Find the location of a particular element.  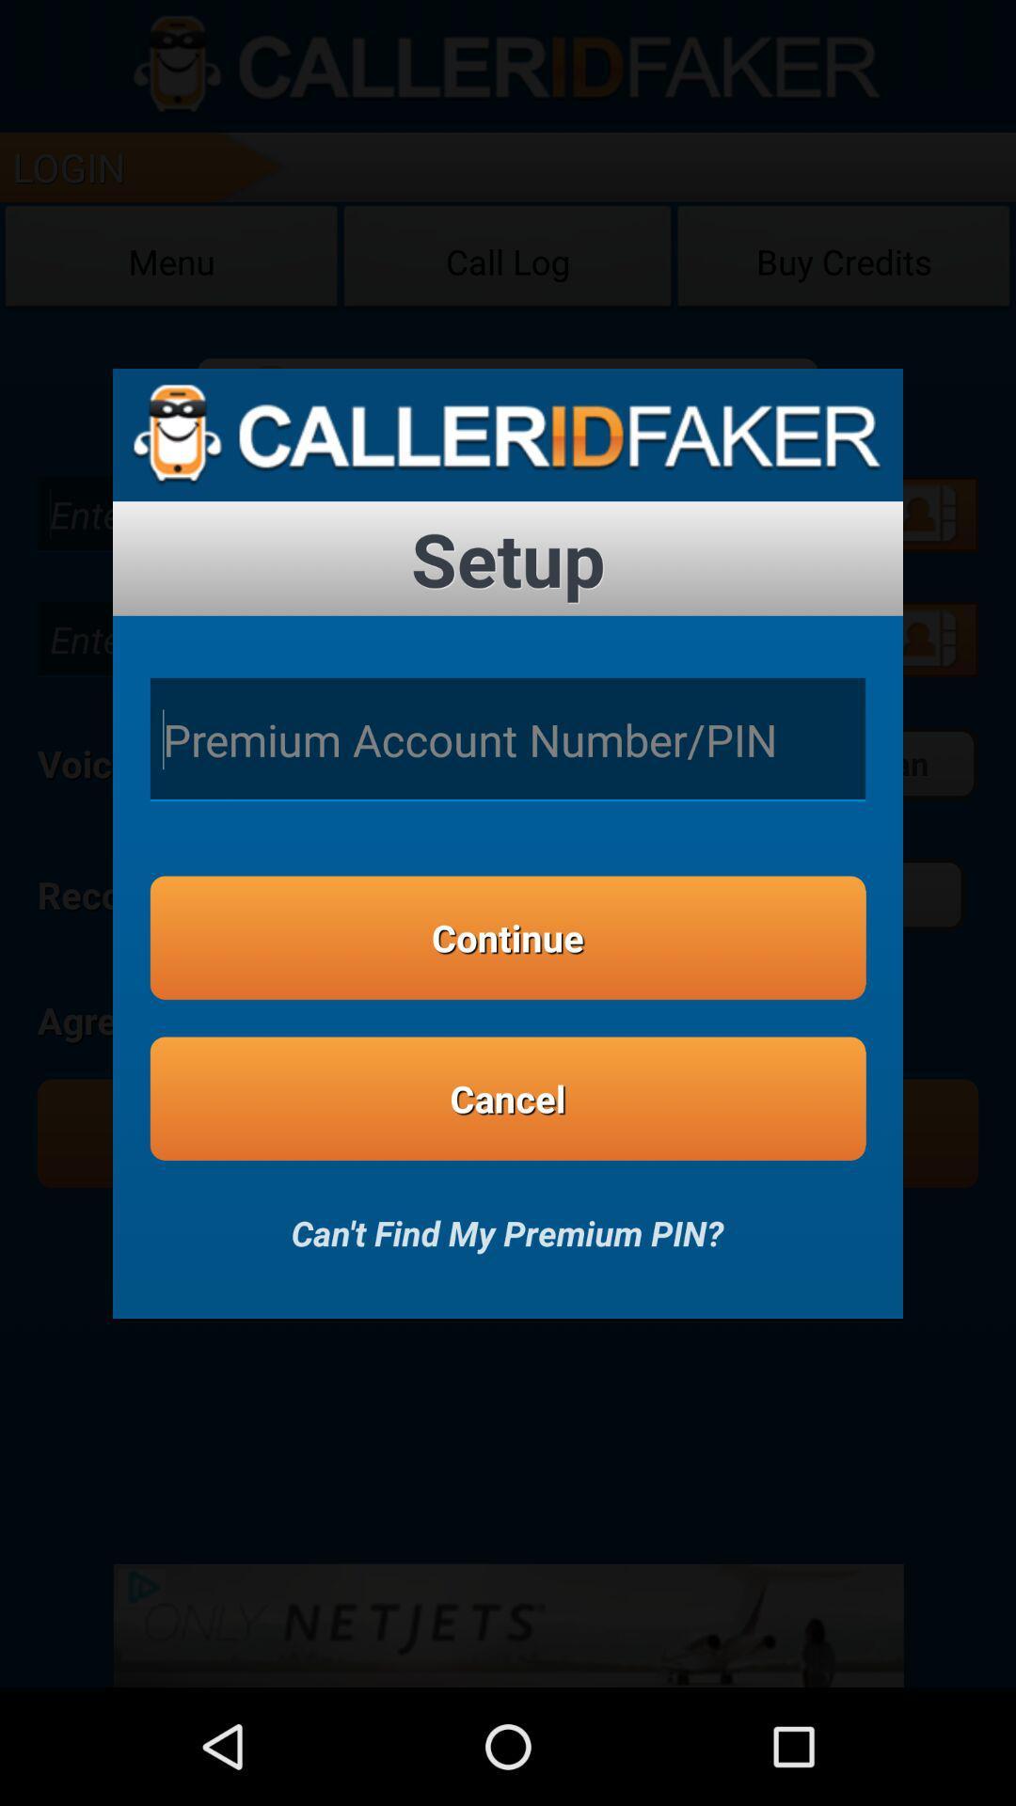

button above the cancel item is located at coordinates (508, 938).